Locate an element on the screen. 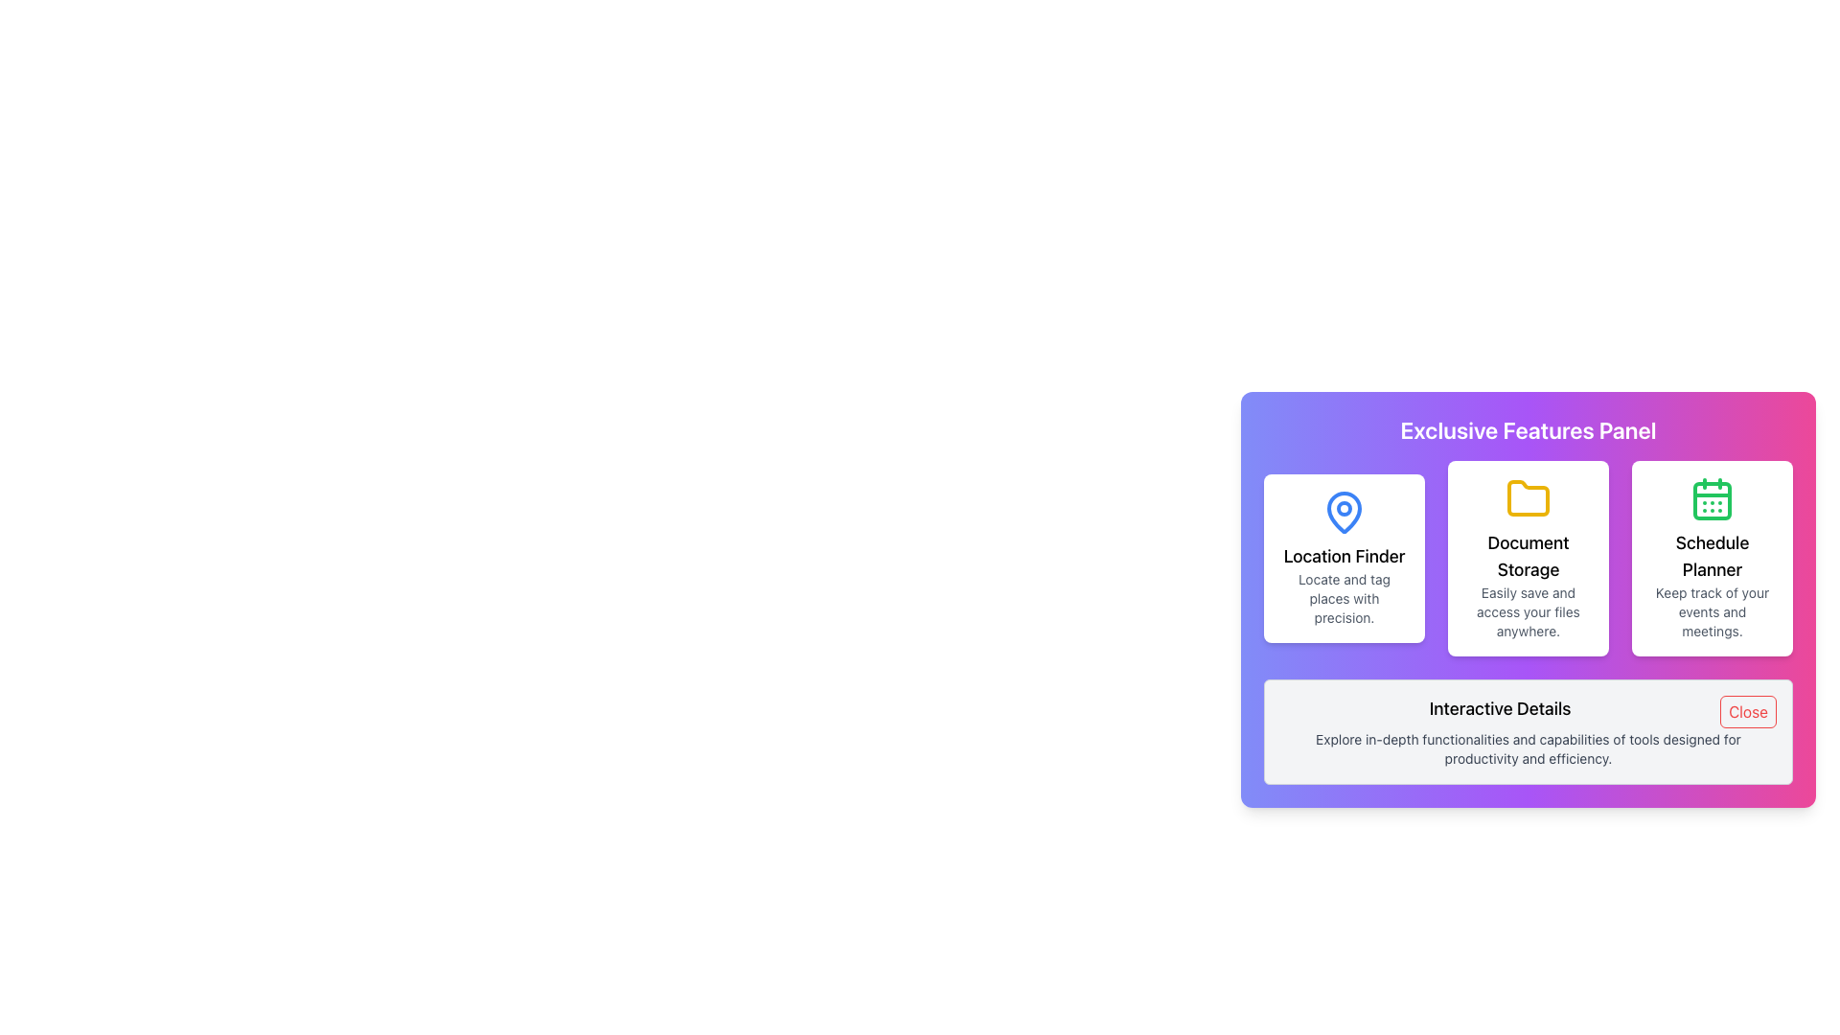 The image size is (1840, 1035). the green square or rectangular shape with rounded corners within the Schedule Planner icon in the lower section of the calendar illustration is located at coordinates (1712, 500).